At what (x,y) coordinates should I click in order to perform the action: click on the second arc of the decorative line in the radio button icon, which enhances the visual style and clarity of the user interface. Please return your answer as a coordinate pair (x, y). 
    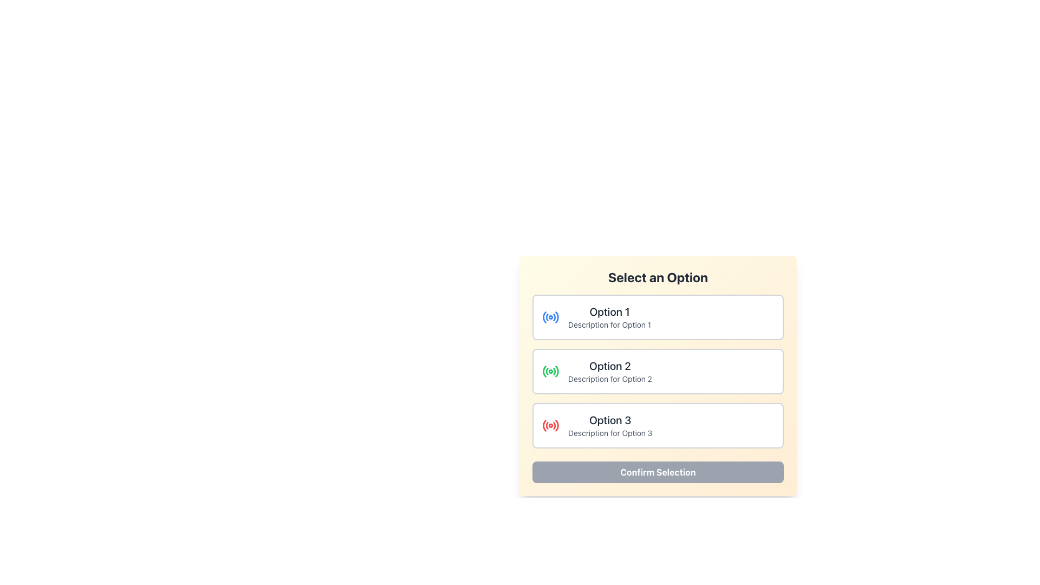
    Looking at the image, I should click on (547, 317).